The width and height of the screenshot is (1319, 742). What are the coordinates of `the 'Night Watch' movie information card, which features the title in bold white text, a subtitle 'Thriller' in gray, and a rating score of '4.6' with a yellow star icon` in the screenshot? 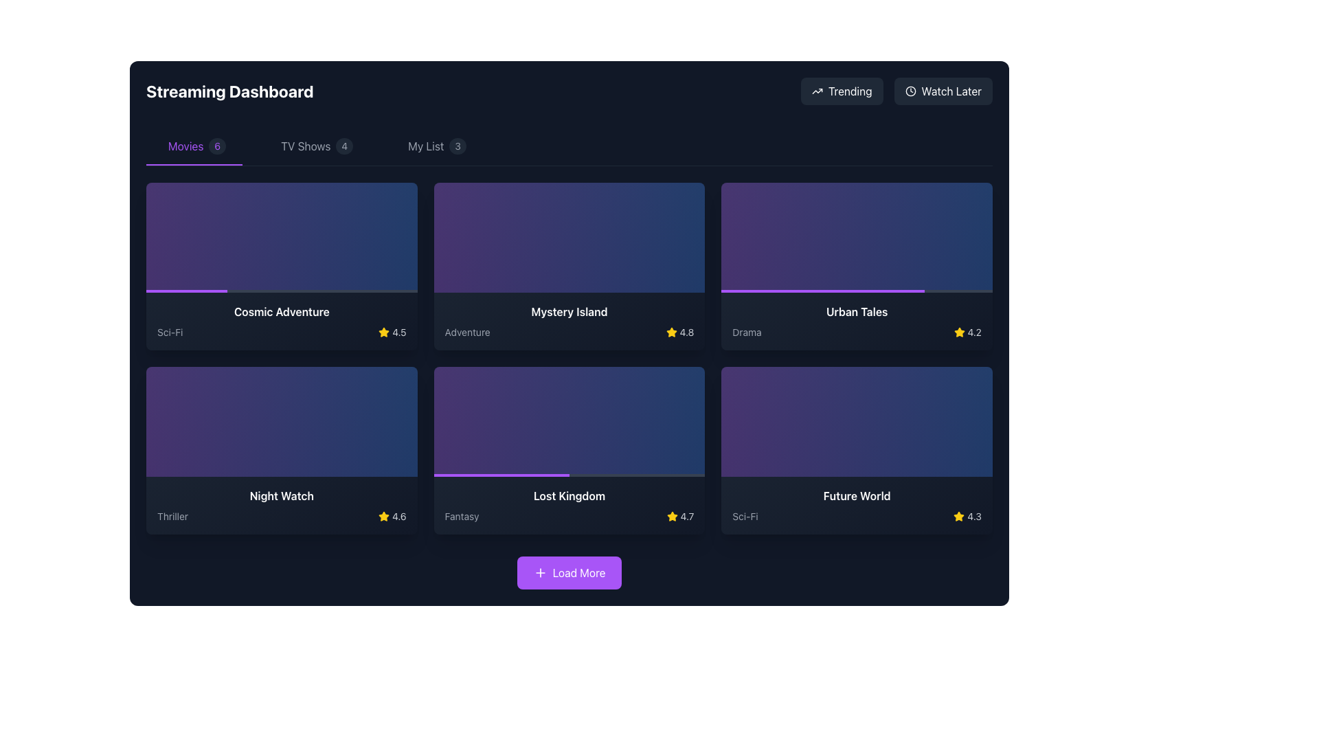 It's located at (281, 506).